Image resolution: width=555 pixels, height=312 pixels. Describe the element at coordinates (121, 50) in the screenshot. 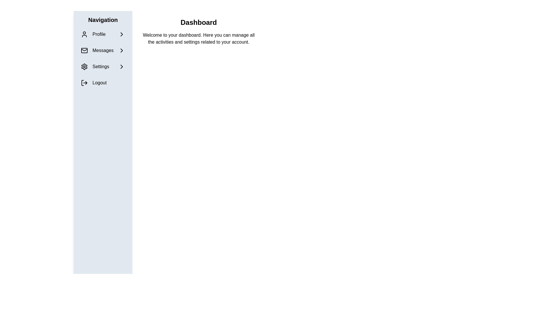

I see `the arrow icon located in the navigation bar to the right of the 'Messages' label` at that location.